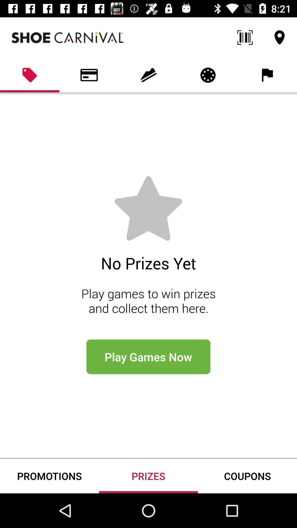  I want to click on the icon which is second right to the tag icon, so click(148, 75).